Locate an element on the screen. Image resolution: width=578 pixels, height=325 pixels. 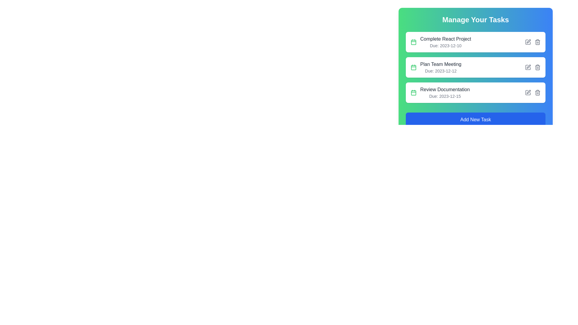
the green calendar icon located to the left of the text 'Complete React ProjectDue: 2023-12-10' in the 'Manage Your Tasks' section is located at coordinates (413, 42).